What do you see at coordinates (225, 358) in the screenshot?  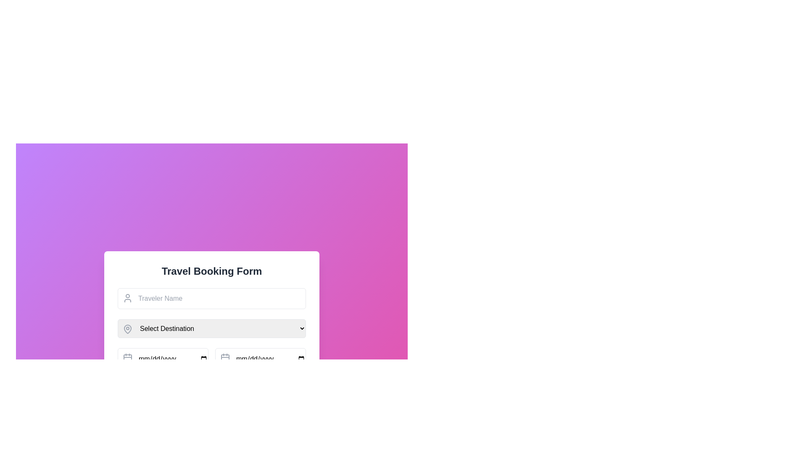 I see `the date selection icon located on the left side of the end date input field in the travel booking form` at bounding box center [225, 358].